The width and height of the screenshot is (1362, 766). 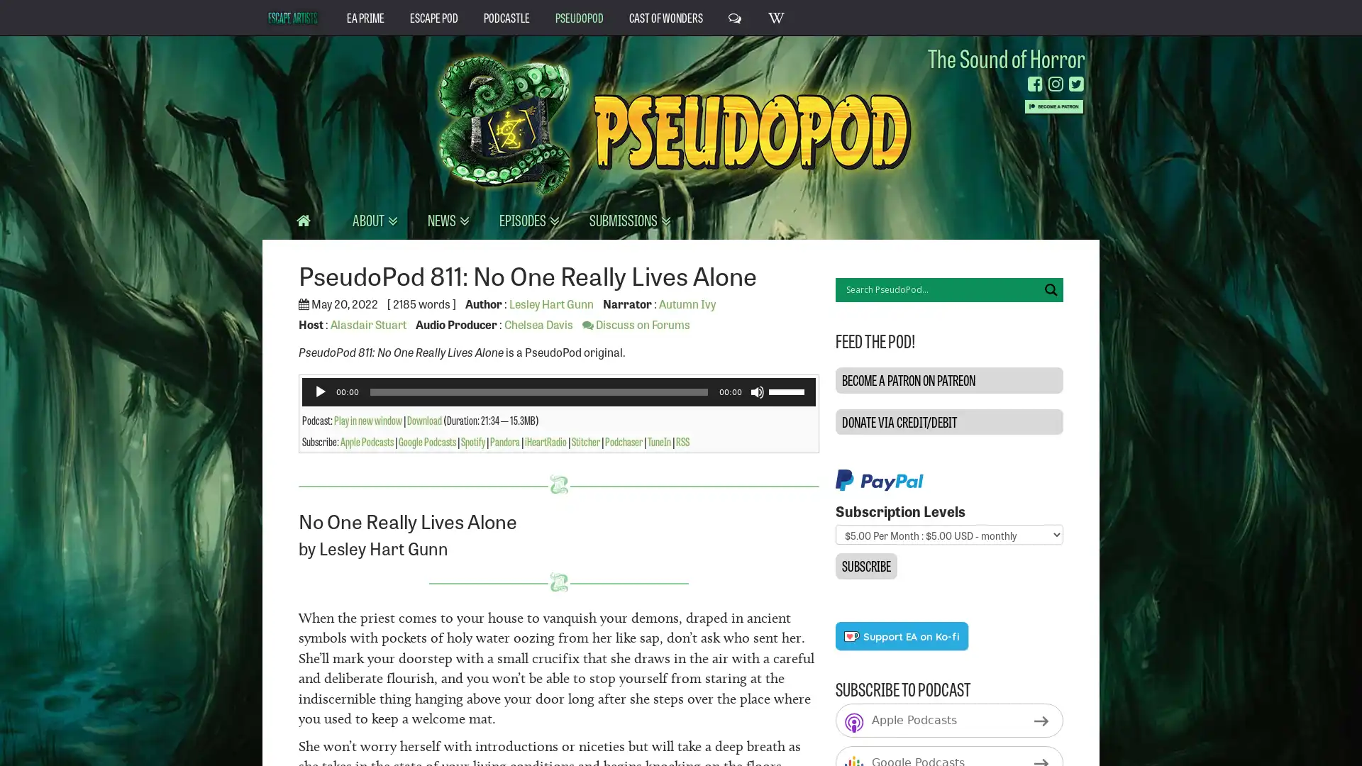 What do you see at coordinates (319, 391) in the screenshot?
I see `Play` at bounding box center [319, 391].